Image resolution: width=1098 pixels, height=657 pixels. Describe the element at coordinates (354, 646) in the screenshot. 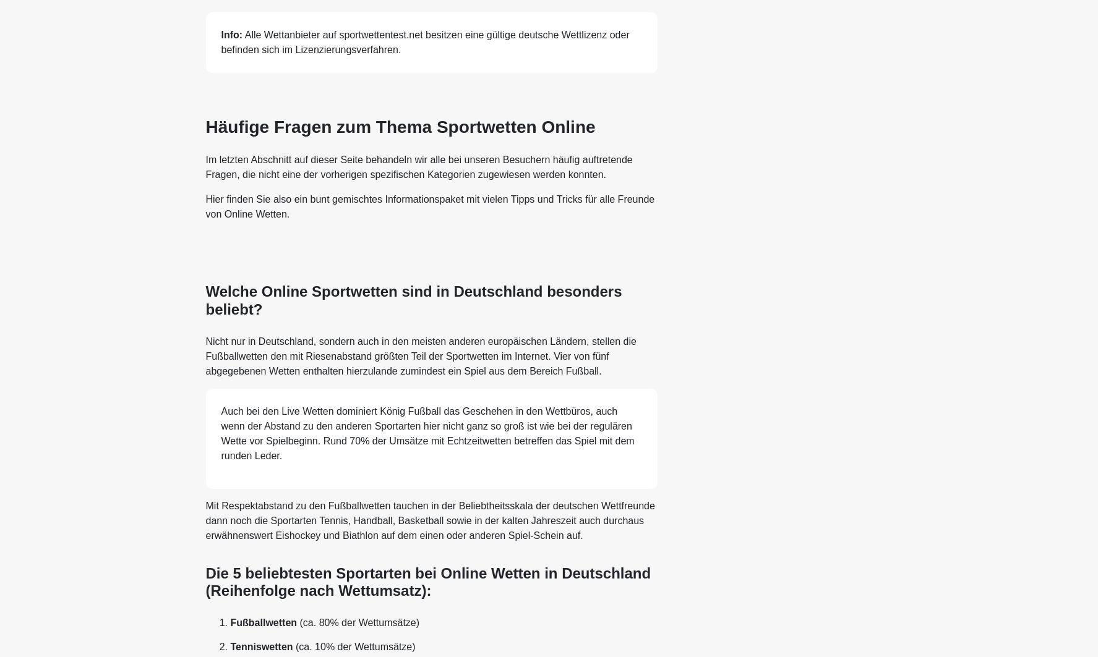

I see `'(ca. 10% der Wettumsätze)'` at that location.